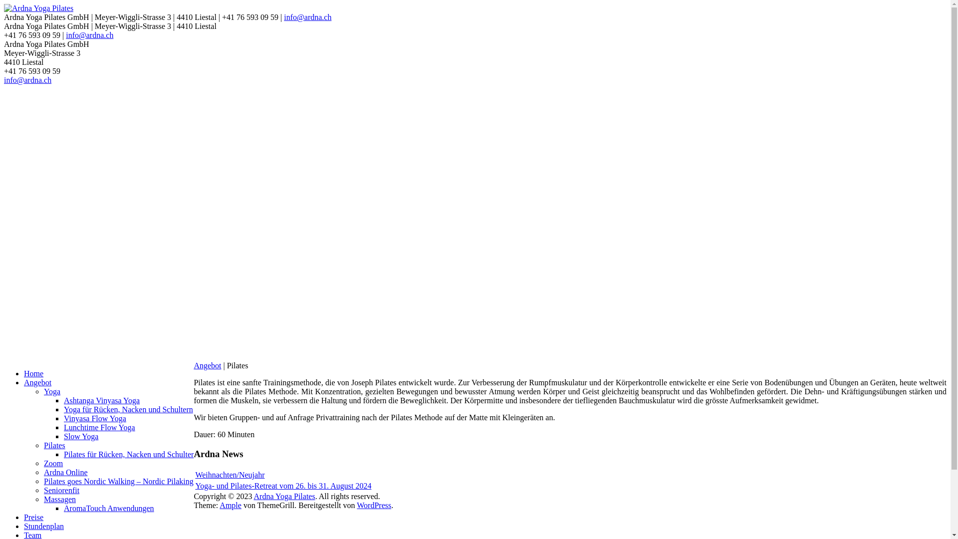 Image resolution: width=958 pixels, height=539 pixels. Describe the element at coordinates (229, 474) in the screenshot. I see `'Weihnachten/Neujahr'` at that location.